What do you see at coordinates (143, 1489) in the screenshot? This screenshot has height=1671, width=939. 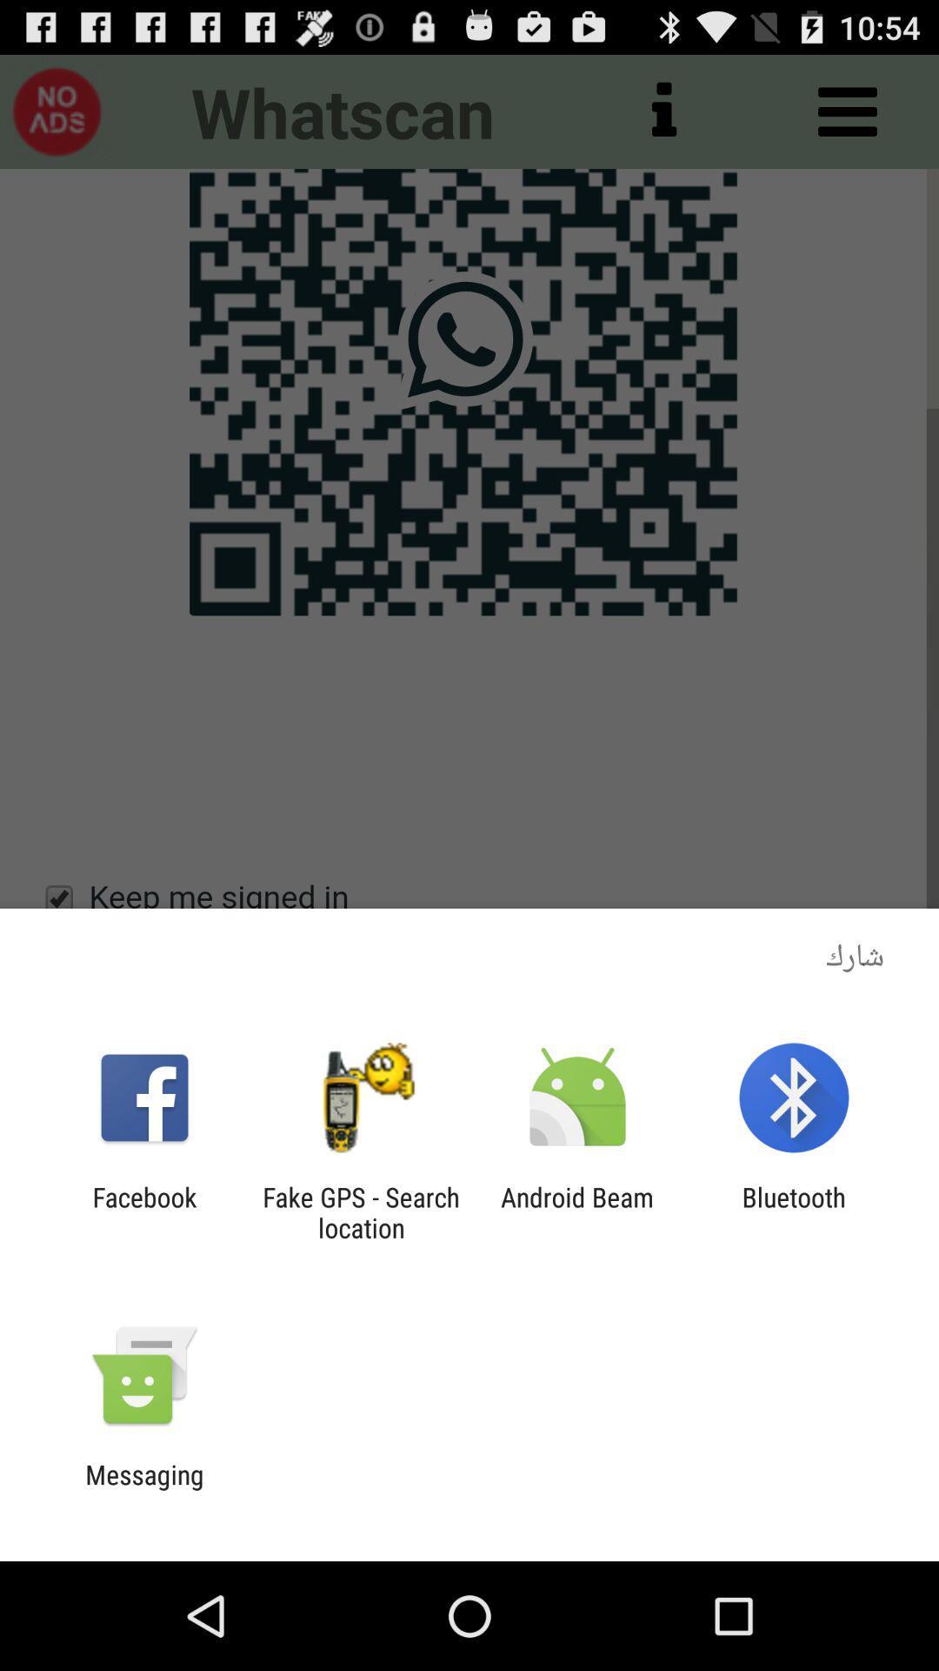 I see `messaging item` at bounding box center [143, 1489].